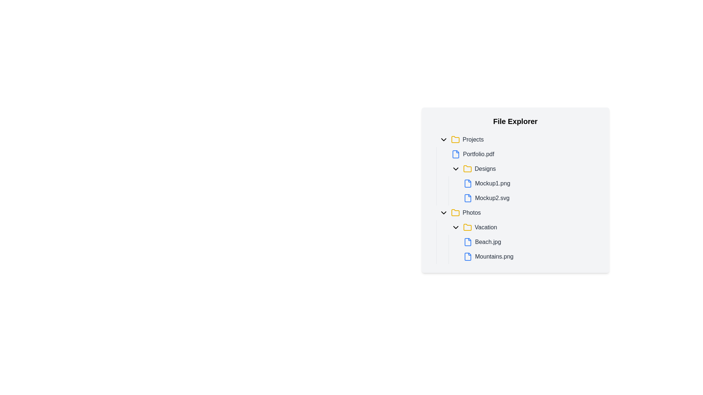 The image size is (703, 395). I want to click on the Dropdown arrow (chevron) icon next to the 'Vacation' text, so click(455, 227).